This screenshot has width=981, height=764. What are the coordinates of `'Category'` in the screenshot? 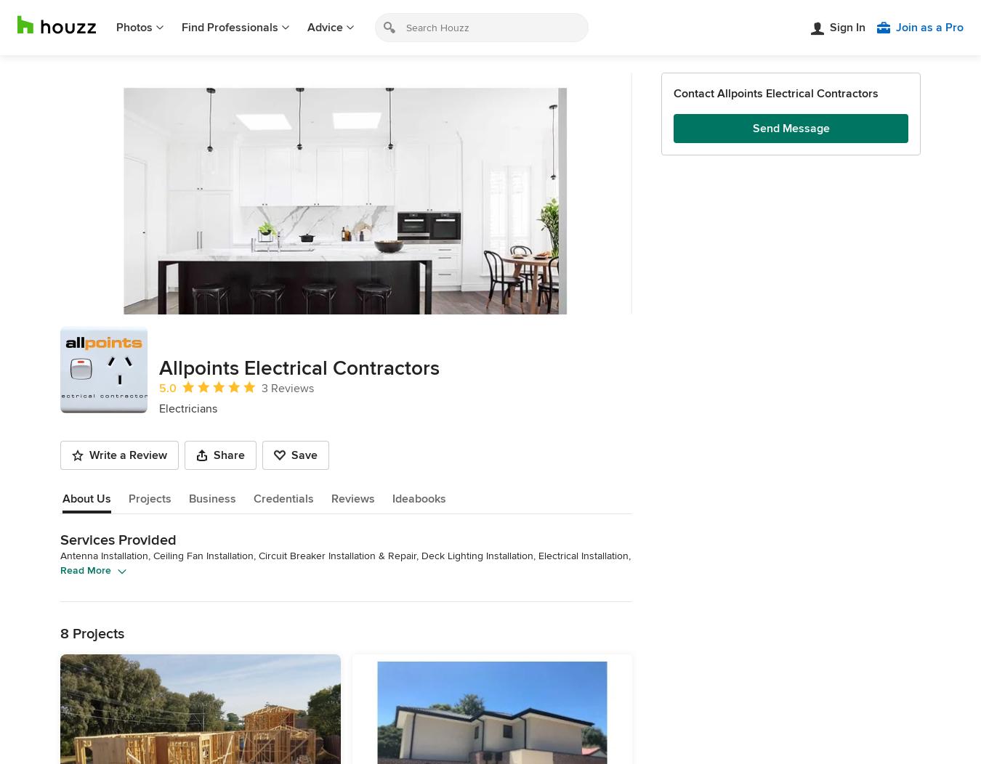 It's located at (90, 681).